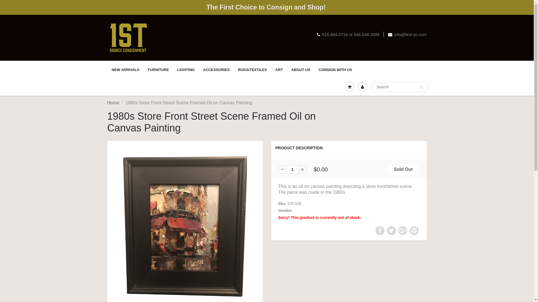 This screenshot has width=538, height=302. I want to click on 'NEW ARRIVALS', so click(125, 70).